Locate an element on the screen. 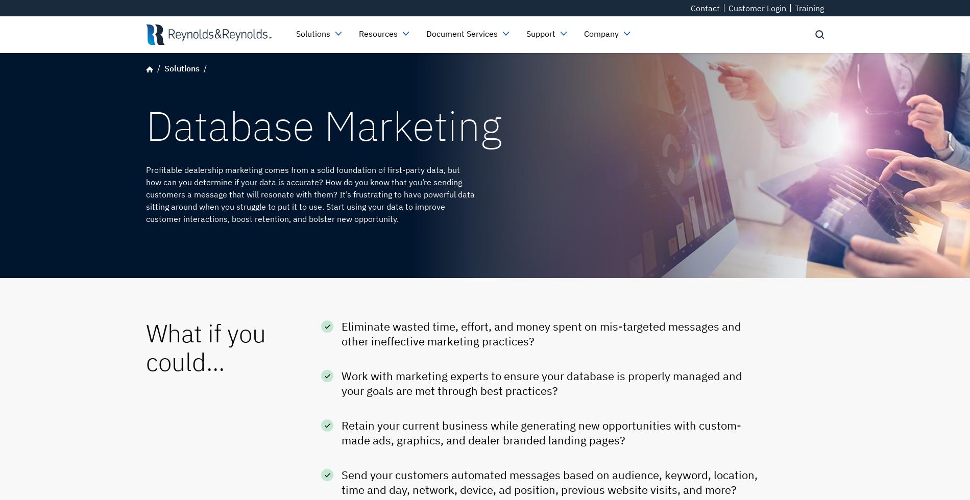 The height and width of the screenshot is (500, 970). 'Training' is located at coordinates (795, 8).